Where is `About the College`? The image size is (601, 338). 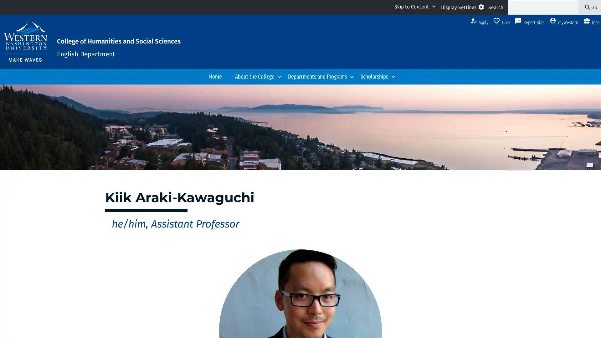
About the College is located at coordinates (256, 76).